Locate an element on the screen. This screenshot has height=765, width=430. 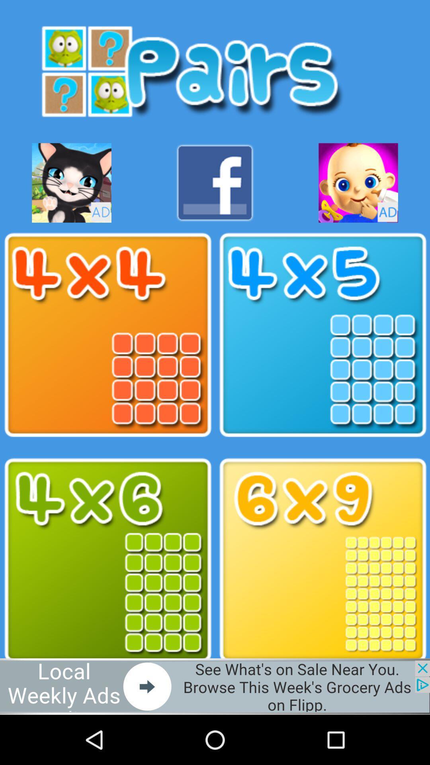
advertisement is located at coordinates (358, 182).